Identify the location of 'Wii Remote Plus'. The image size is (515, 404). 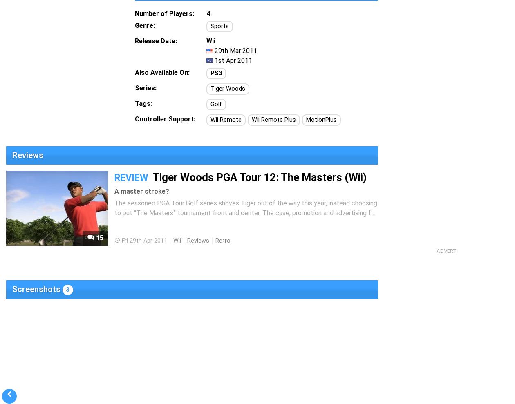
(252, 120).